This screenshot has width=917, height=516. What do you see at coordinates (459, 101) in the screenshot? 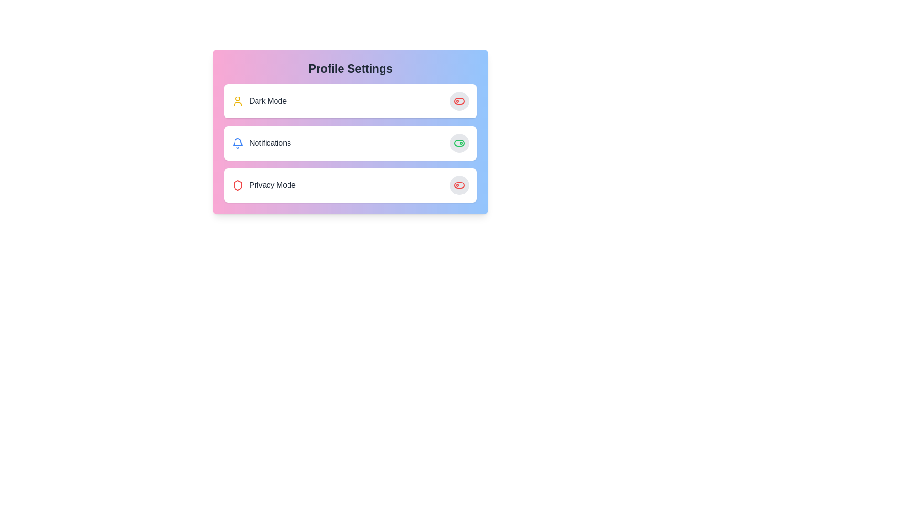
I see `the toggle switch for 'dark Mode' in the 'Profile Settings' section` at bounding box center [459, 101].